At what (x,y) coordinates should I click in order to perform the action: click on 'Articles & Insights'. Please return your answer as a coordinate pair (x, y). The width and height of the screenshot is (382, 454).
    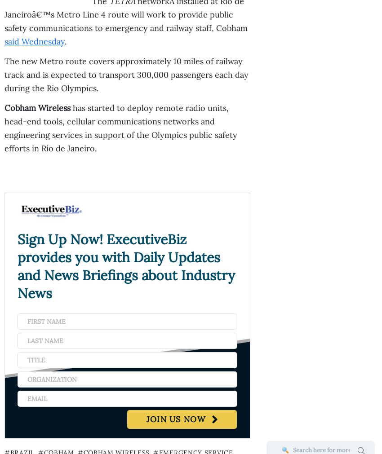
    Looking at the image, I should click on (4, 229).